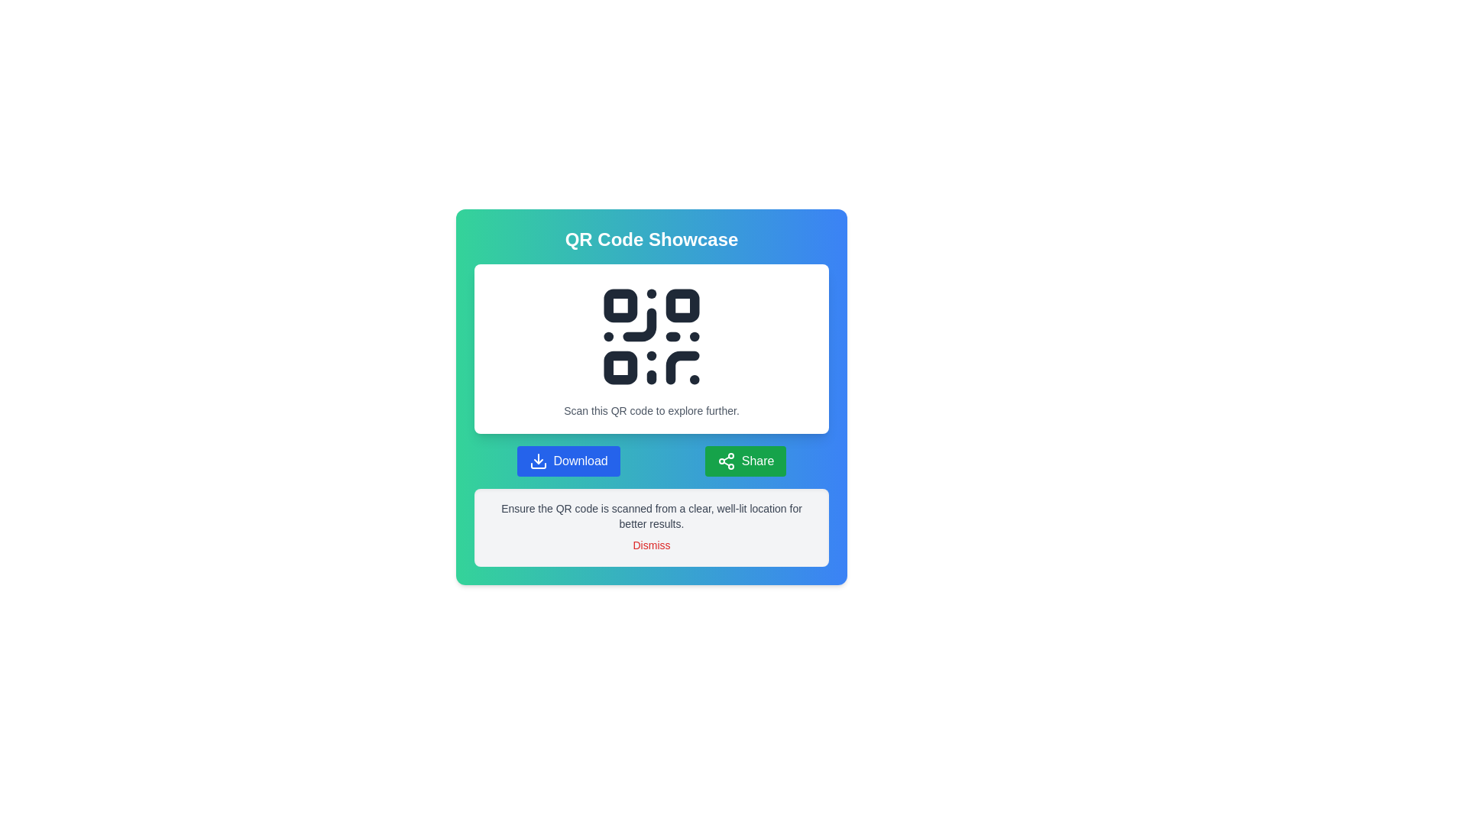 This screenshot has width=1467, height=825. Describe the element at coordinates (652, 516) in the screenshot. I see `the text label that provides the instruction 'Ensure the QR code is scanned from a clear, well-lit location for better results.'` at that location.